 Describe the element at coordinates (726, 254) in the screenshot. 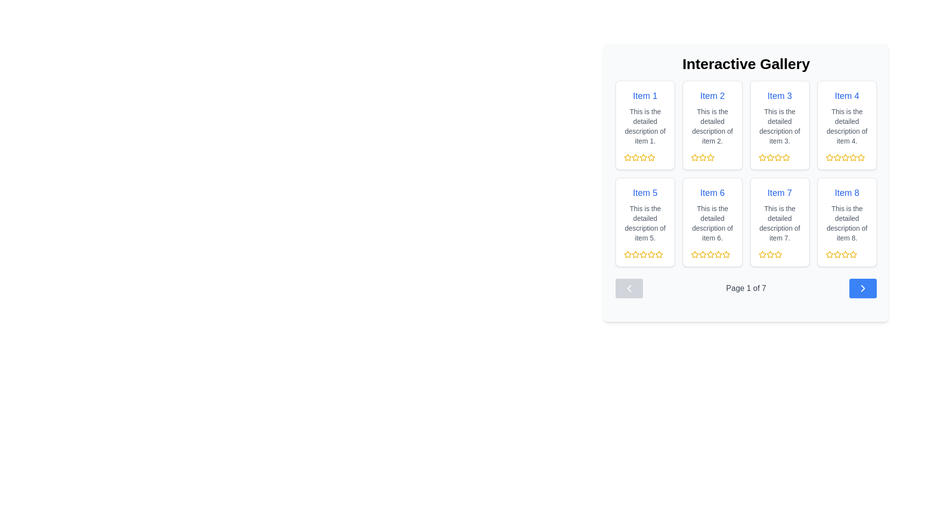

I see `the third star in the rating system for 'Item 6' to visualize an effect` at that location.